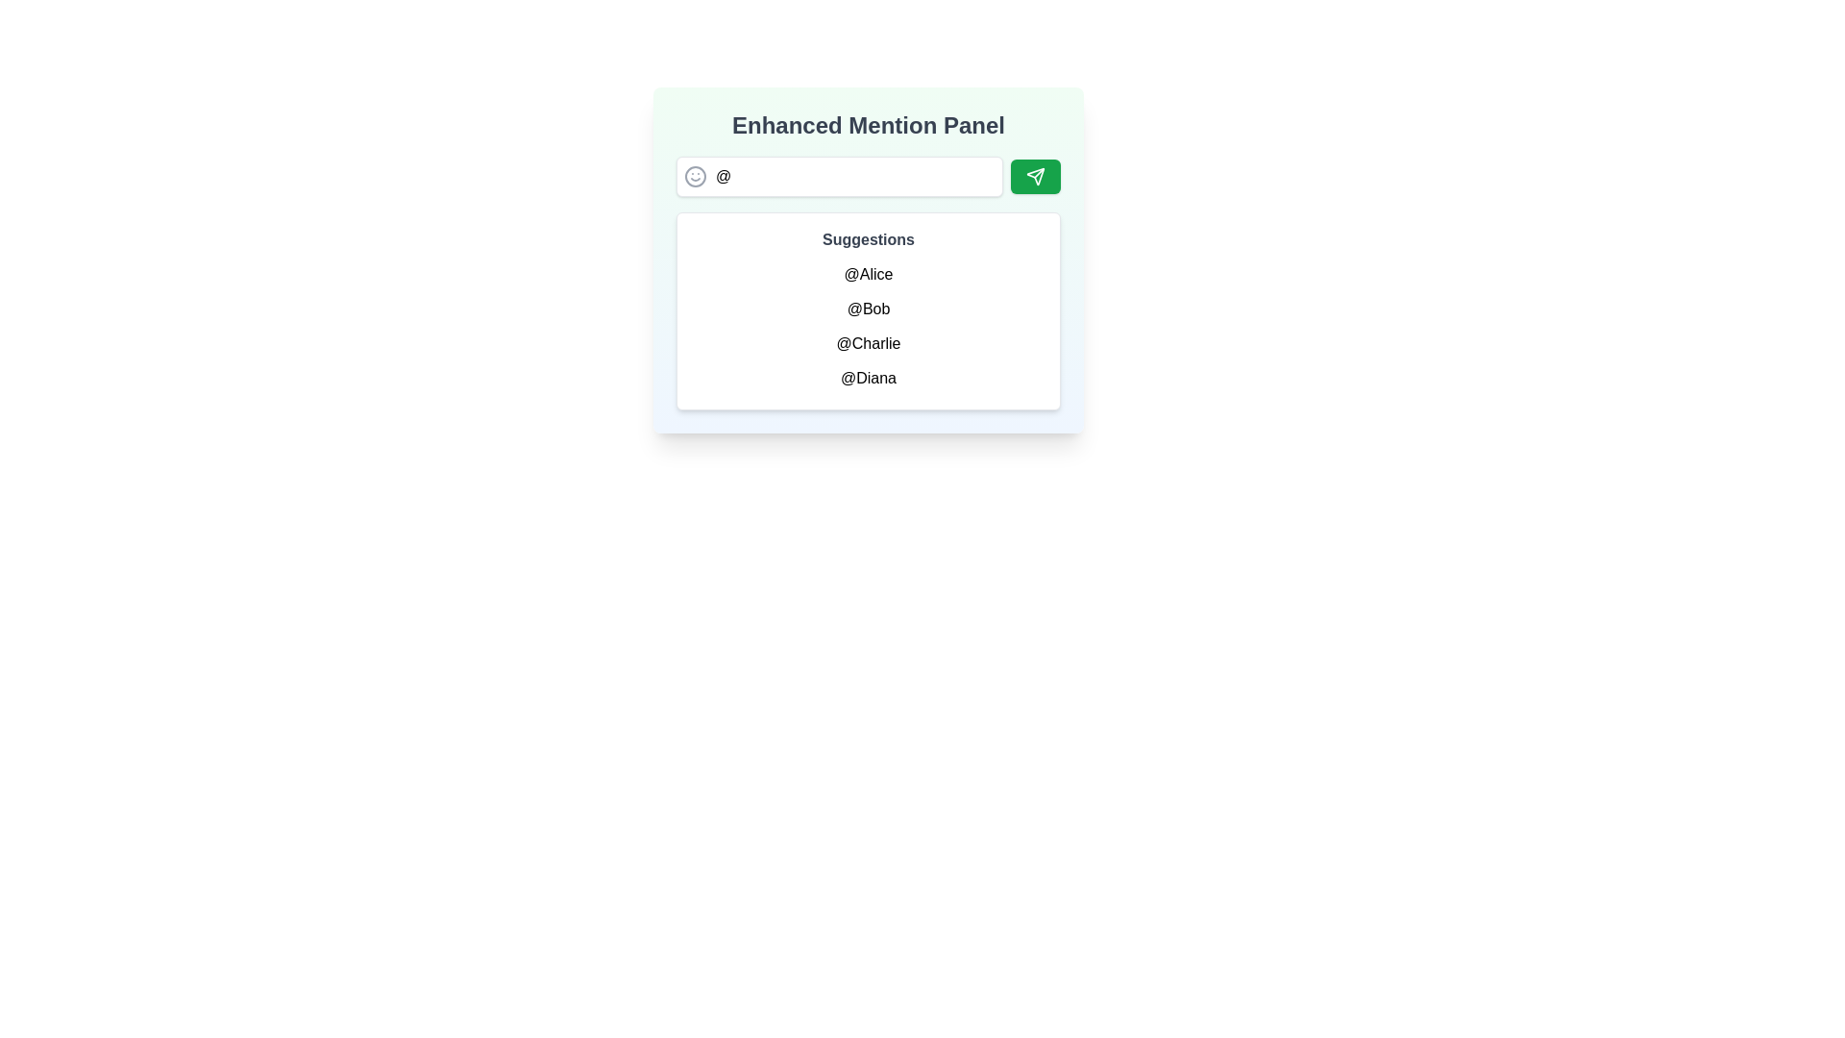  What do you see at coordinates (867, 310) in the screenshot?
I see `the mention suggestion entry displaying '@Bob', which is the second entry in the suggestions list within the 'Enhanced Mention Panel'` at bounding box center [867, 310].